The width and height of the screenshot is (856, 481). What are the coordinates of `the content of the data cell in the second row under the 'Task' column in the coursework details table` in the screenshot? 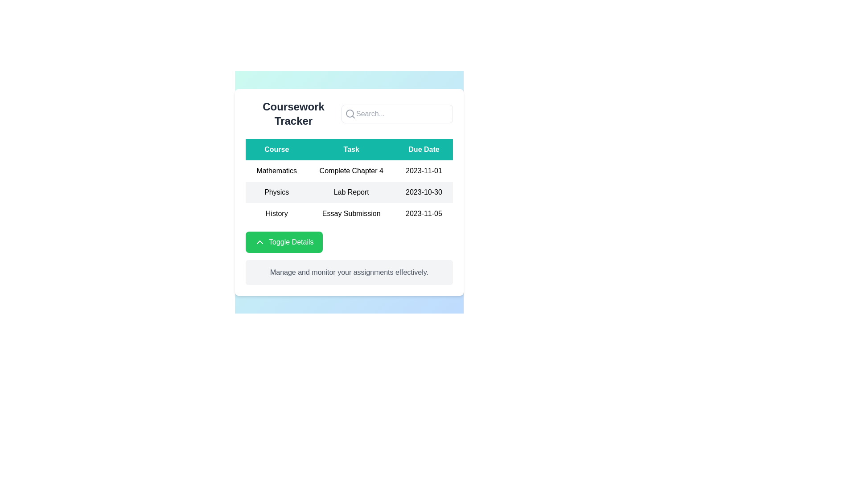 It's located at (349, 192).